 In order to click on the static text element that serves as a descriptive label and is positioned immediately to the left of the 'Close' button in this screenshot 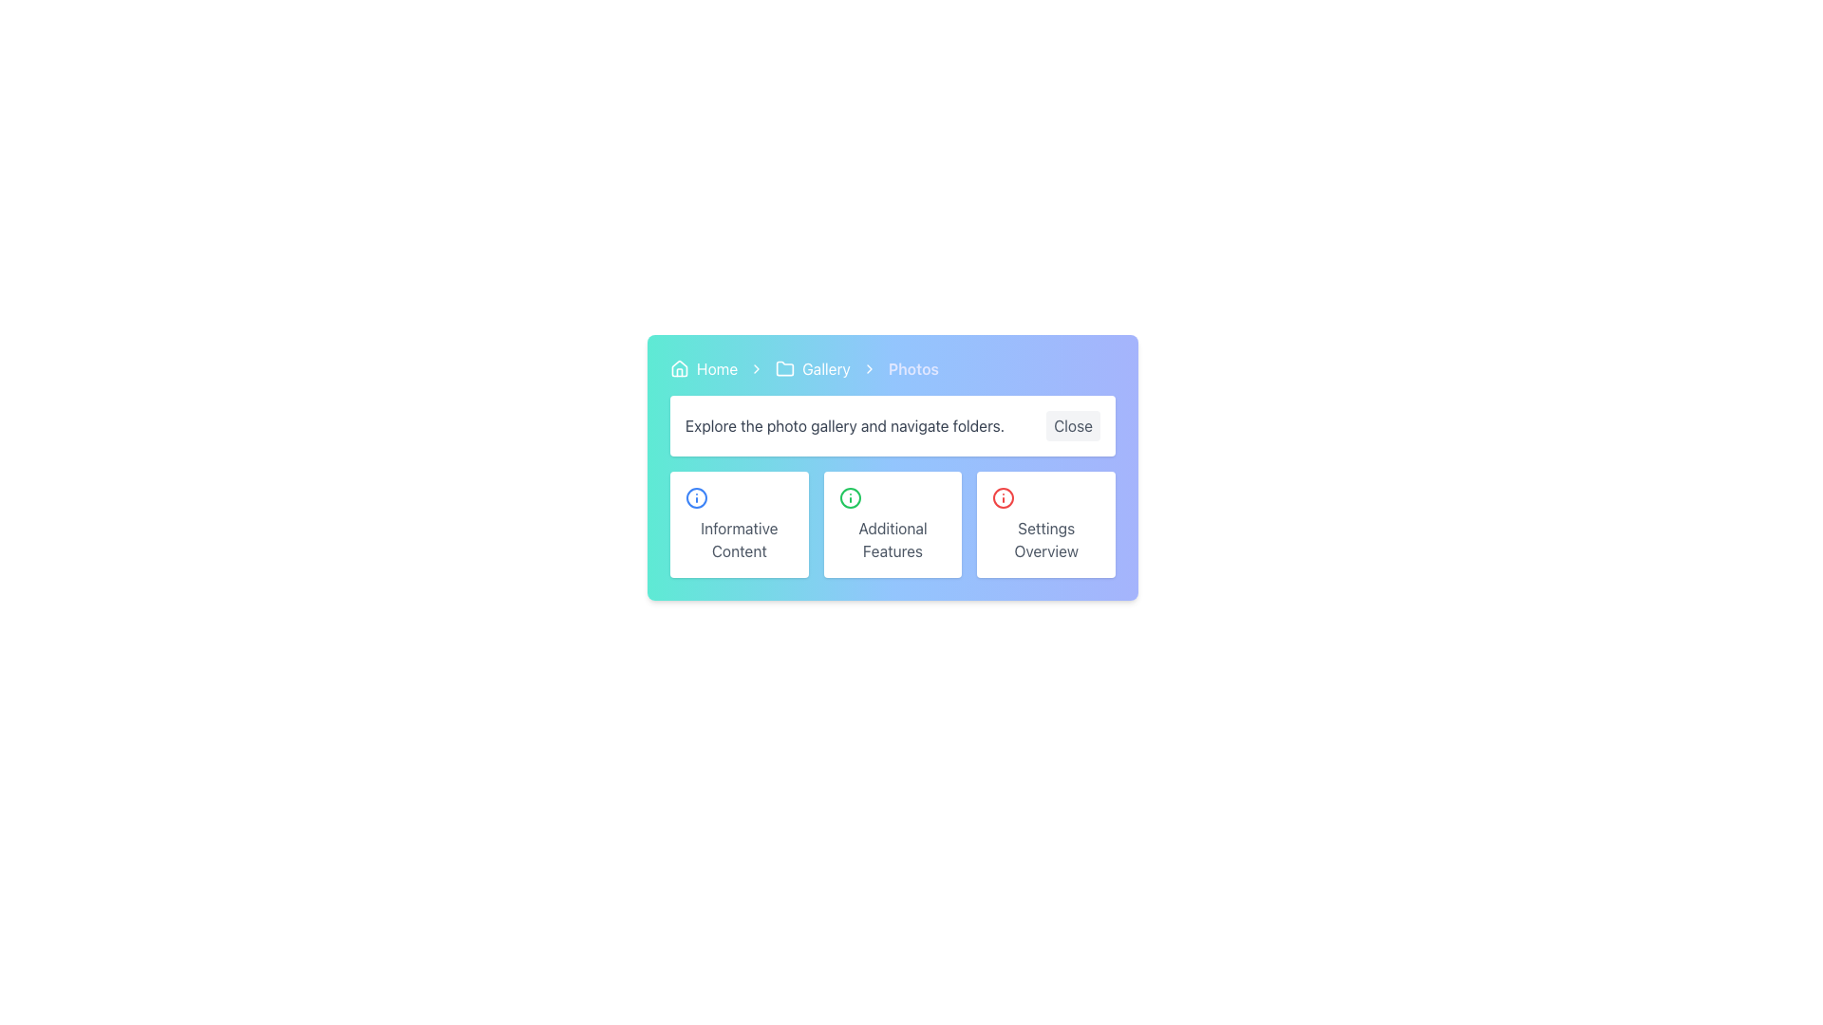, I will do `click(844, 424)`.